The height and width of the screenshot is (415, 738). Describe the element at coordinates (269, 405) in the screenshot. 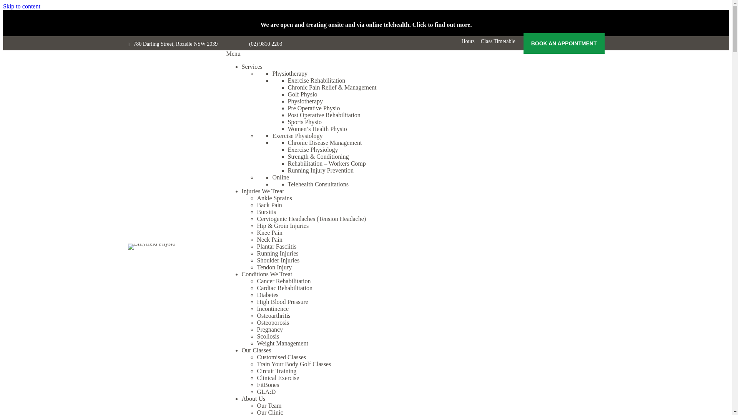

I see `'Our Team'` at that location.